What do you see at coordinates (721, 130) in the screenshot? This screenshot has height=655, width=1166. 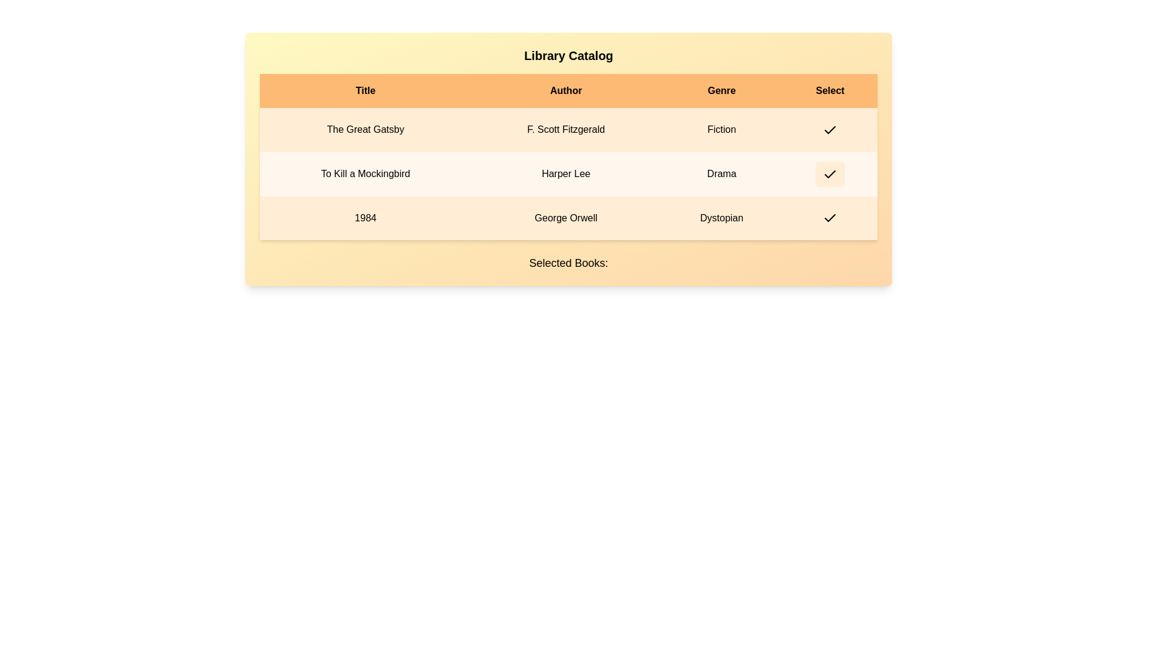 I see `the static text label identifying the genre of the book 'The Great Gatsby' in the first row of the table` at bounding box center [721, 130].